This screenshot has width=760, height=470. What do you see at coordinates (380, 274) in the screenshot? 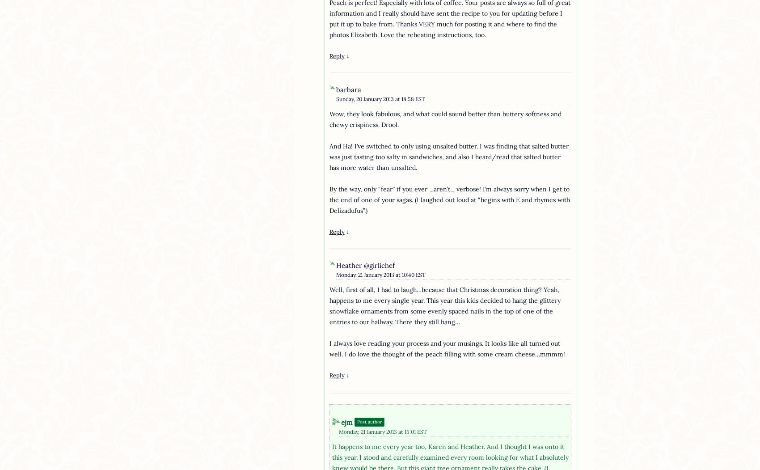
I see `'Monday, 21 January 2013 at 10:40 EST'` at bounding box center [380, 274].